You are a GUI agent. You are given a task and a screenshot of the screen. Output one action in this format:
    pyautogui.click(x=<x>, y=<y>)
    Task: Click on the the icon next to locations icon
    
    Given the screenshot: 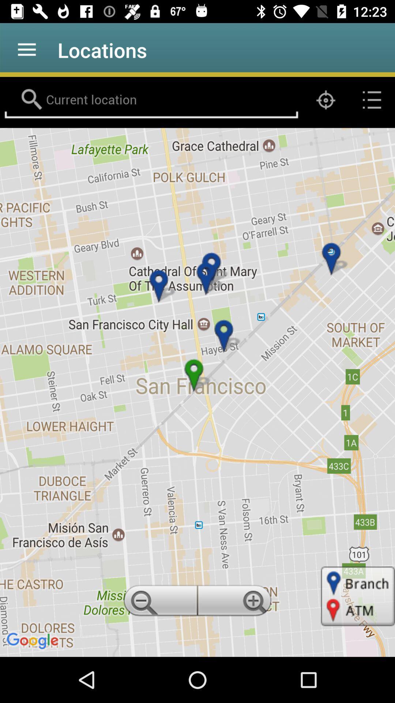 What is the action you would take?
    pyautogui.click(x=26, y=49)
    